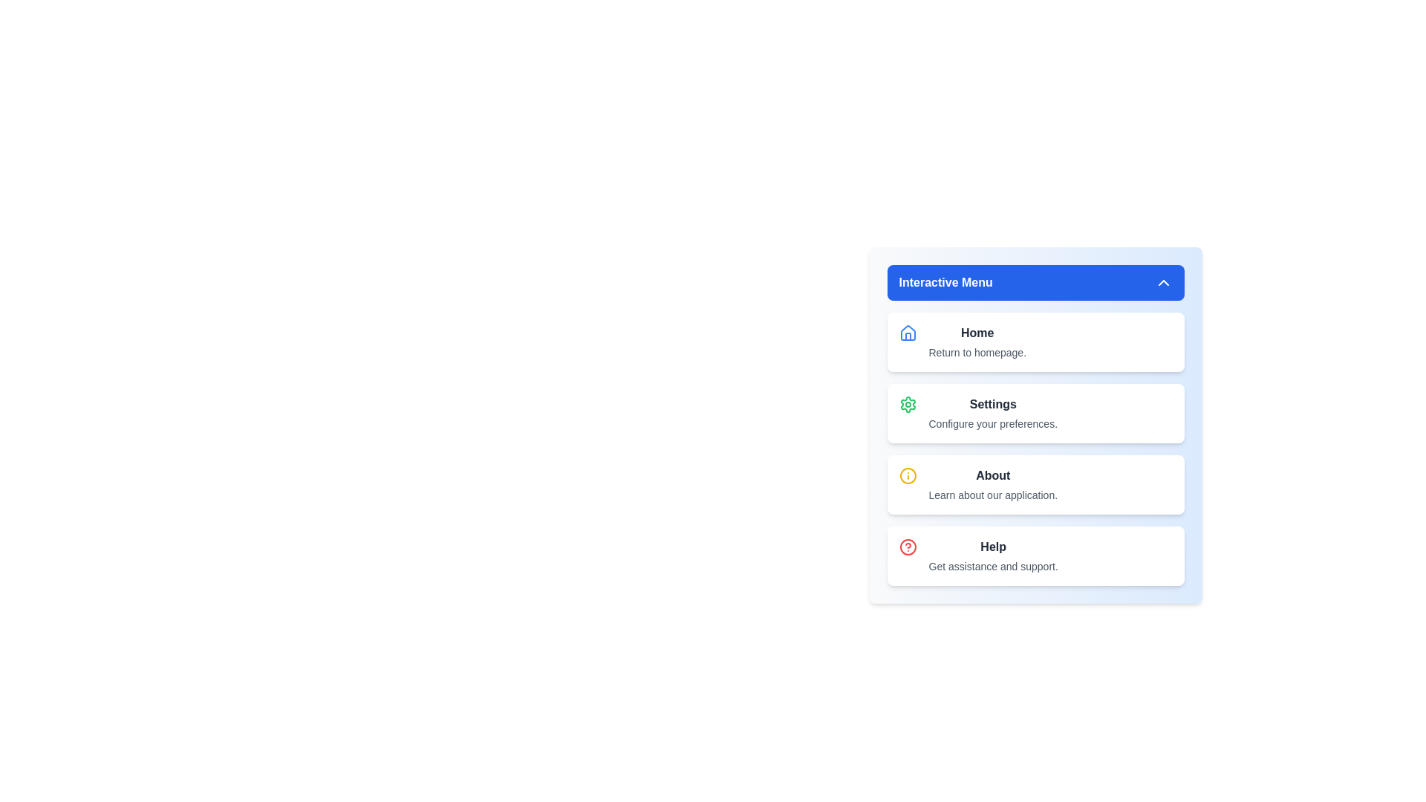  What do you see at coordinates (993, 547) in the screenshot?
I see `the bold text label displaying 'Help' in dark gray, located in the bottommost section of the vertical menu list under the header 'Interactive Menu.'` at bounding box center [993, 547].